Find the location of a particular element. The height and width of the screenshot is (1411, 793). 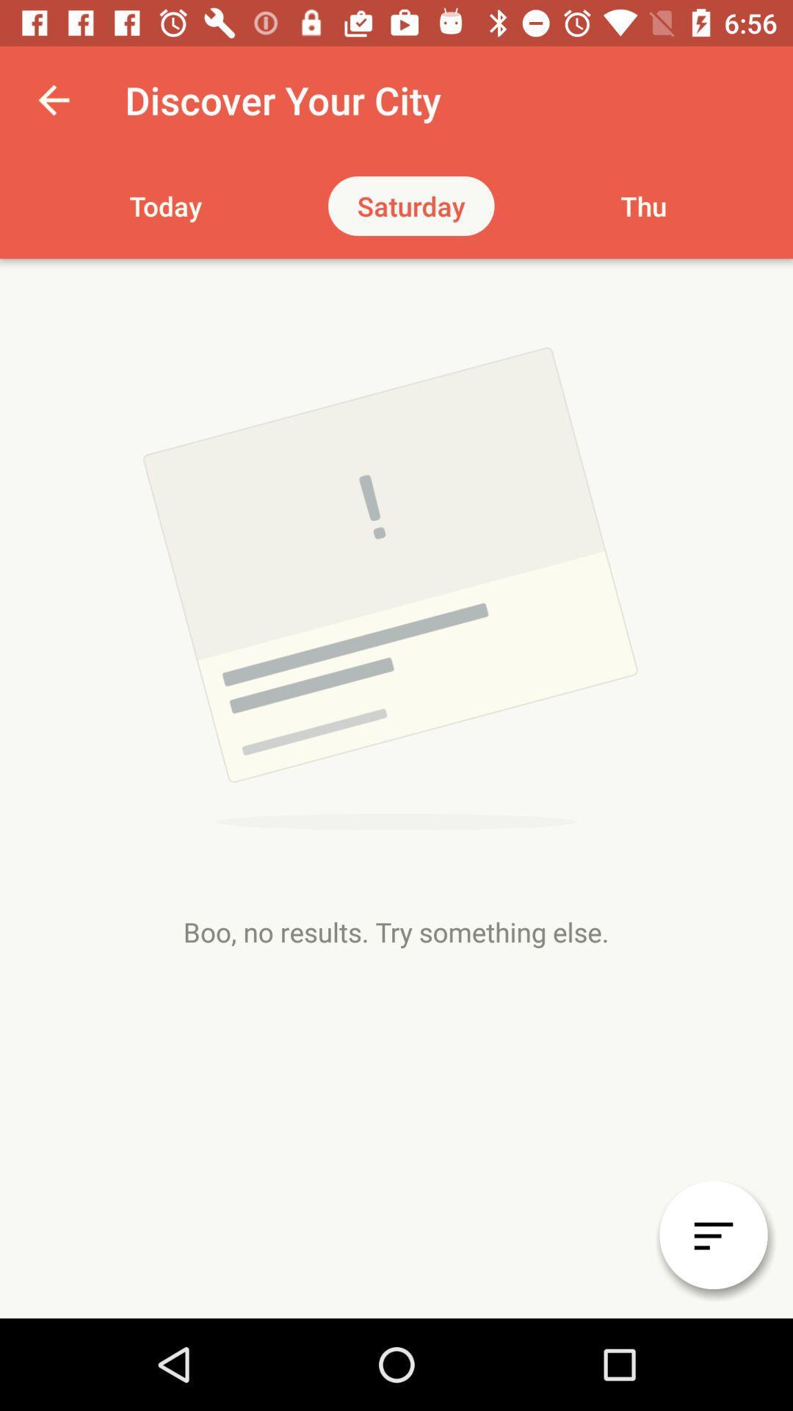

the item above the today icon is located at coordinates (53, 99).